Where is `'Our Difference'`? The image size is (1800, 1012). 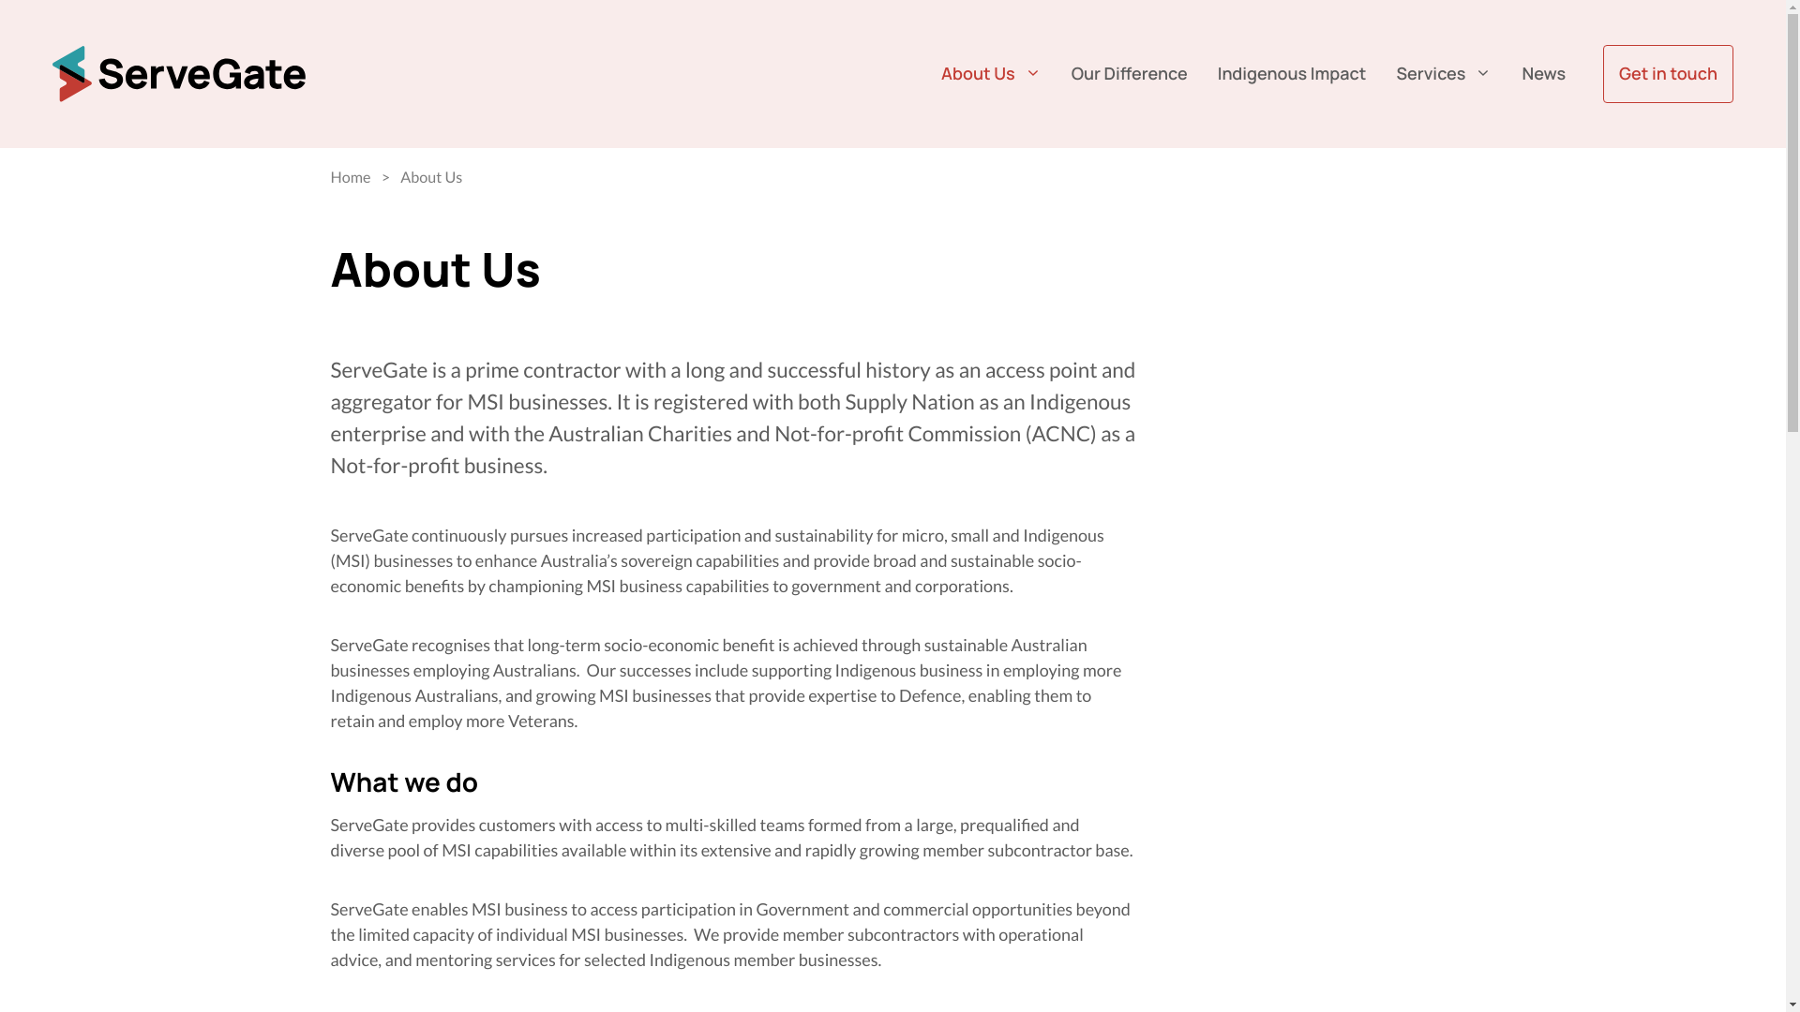 'Our Difference' is located at coordinates (1128, 72).